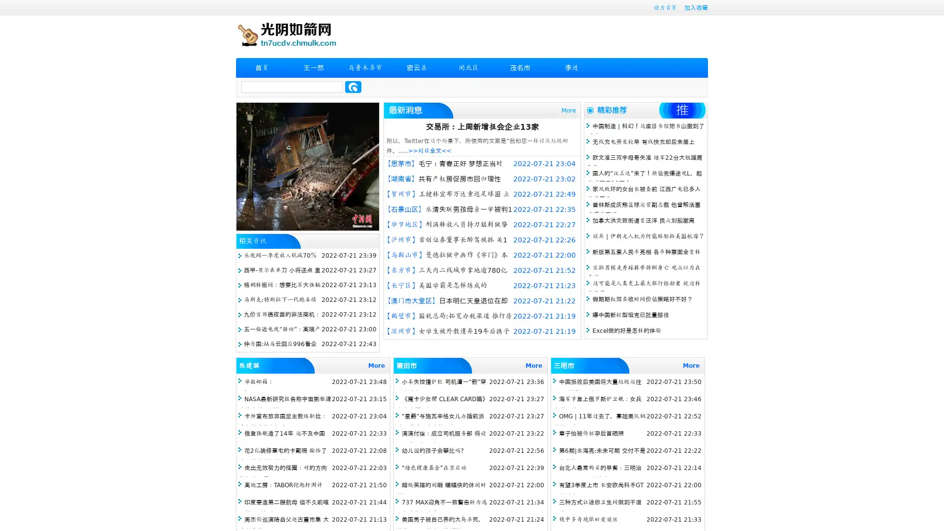 This screenshot has height=531, width=944. I want to click on Search, so click(353, 87).